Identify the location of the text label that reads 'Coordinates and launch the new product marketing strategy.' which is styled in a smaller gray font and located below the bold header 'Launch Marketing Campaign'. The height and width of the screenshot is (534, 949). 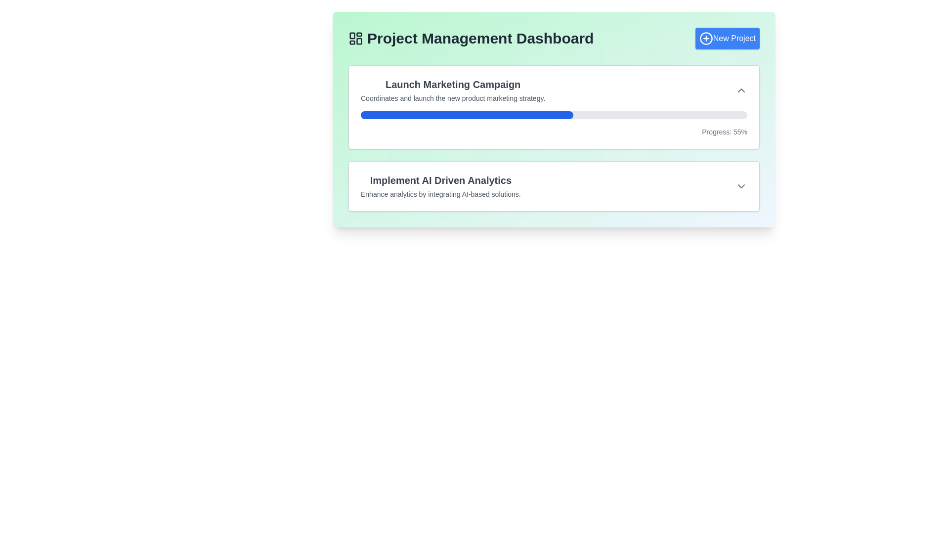
(452, 98).